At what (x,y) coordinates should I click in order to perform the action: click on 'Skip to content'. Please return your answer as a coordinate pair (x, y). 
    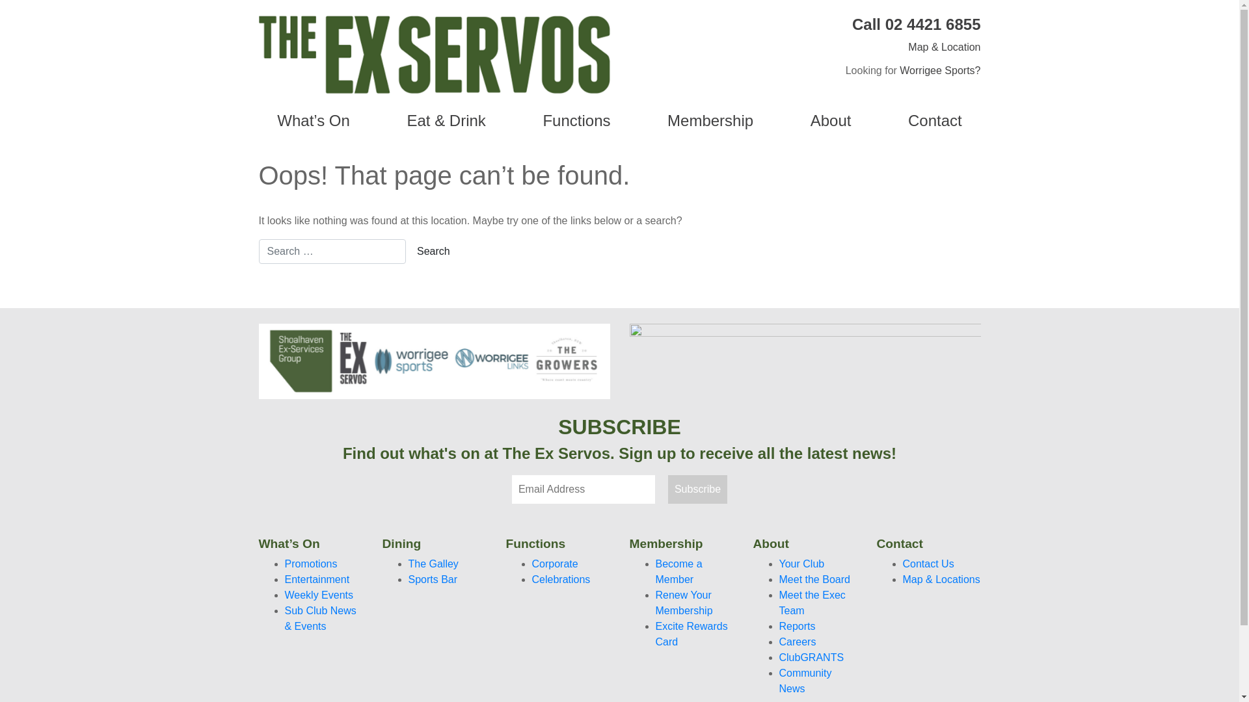
    Looking at the image, I should click on (0, 0).